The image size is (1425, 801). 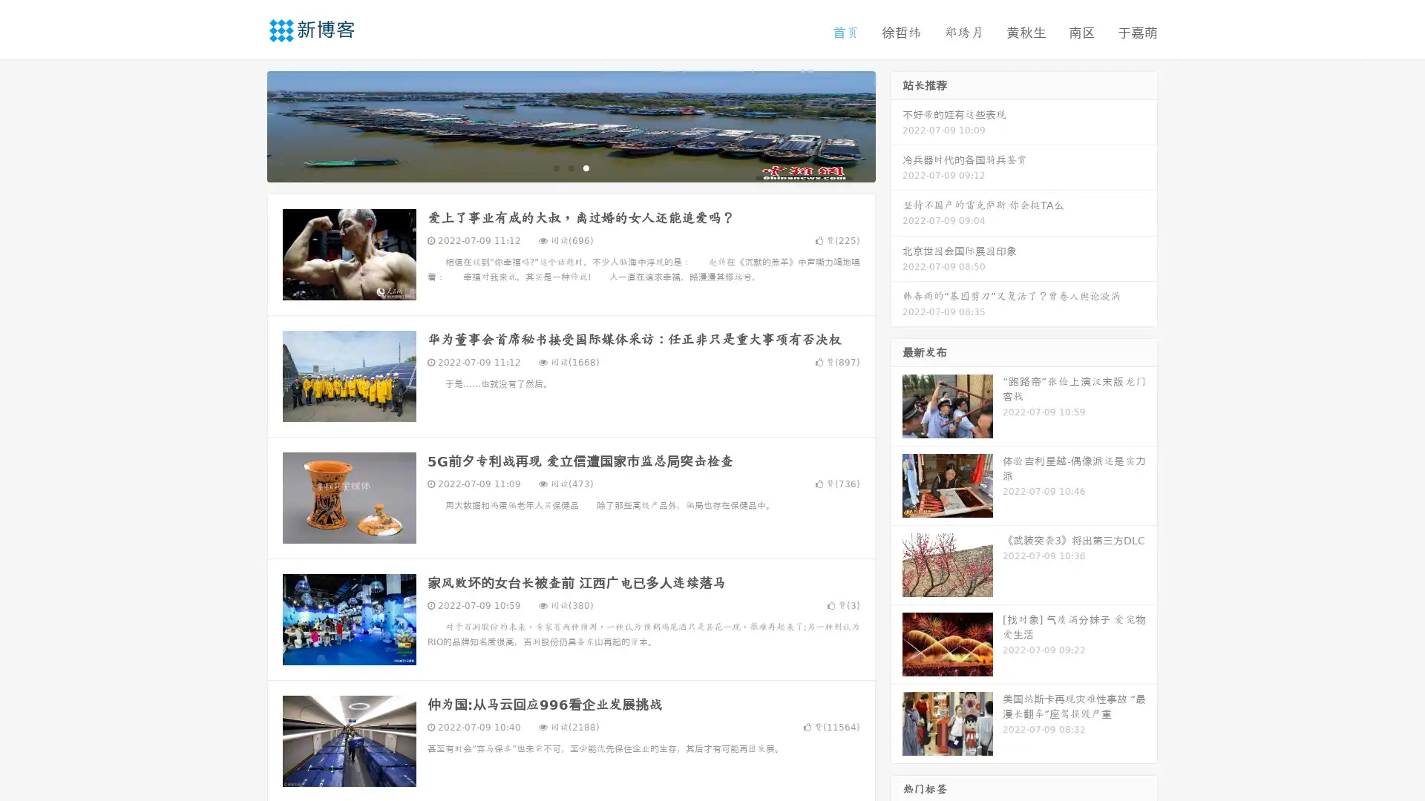 What do you see at coordinates (555, 167) in the screenshot?
I see `Go to slide 1` at bounding box center [555, 167].